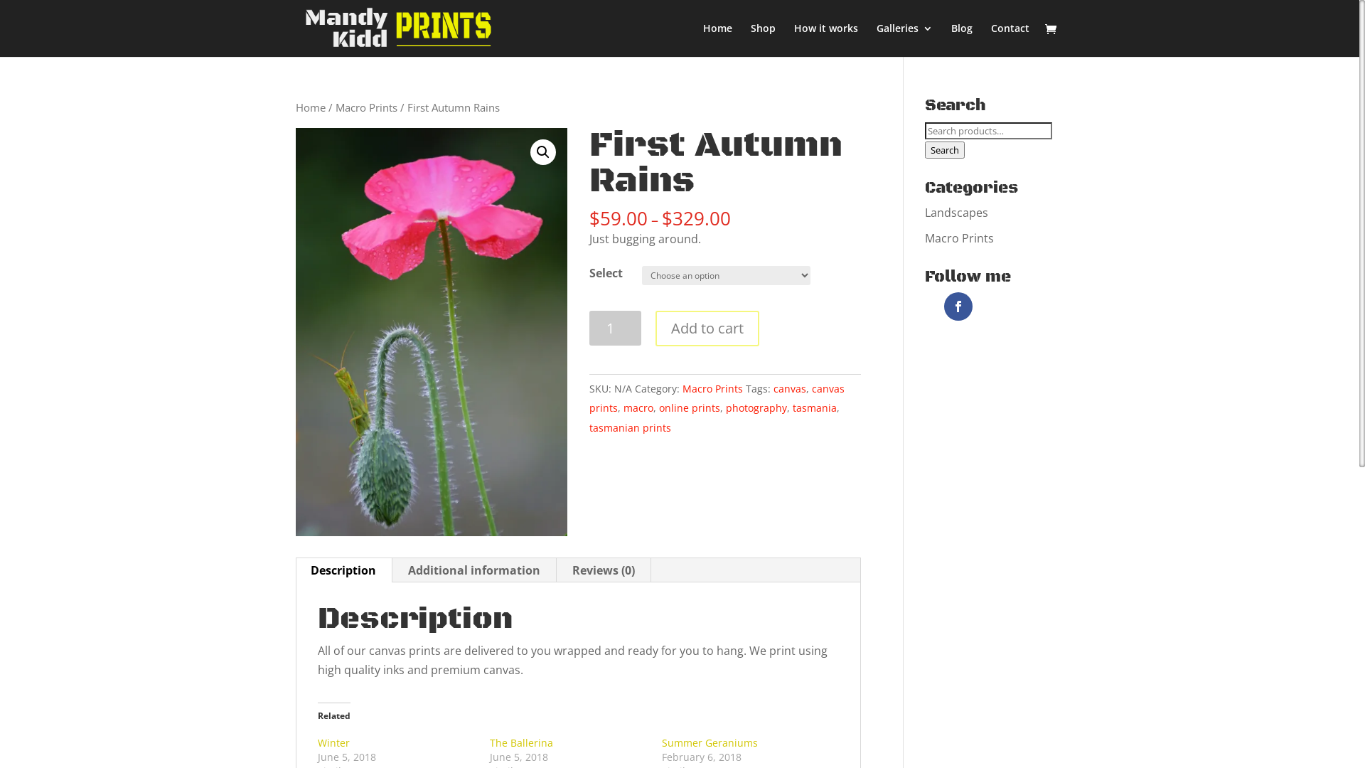  What do you see at coordinates (637, 407) in the screenshot?
I see `'macro'` at bounding box center [637, 407].